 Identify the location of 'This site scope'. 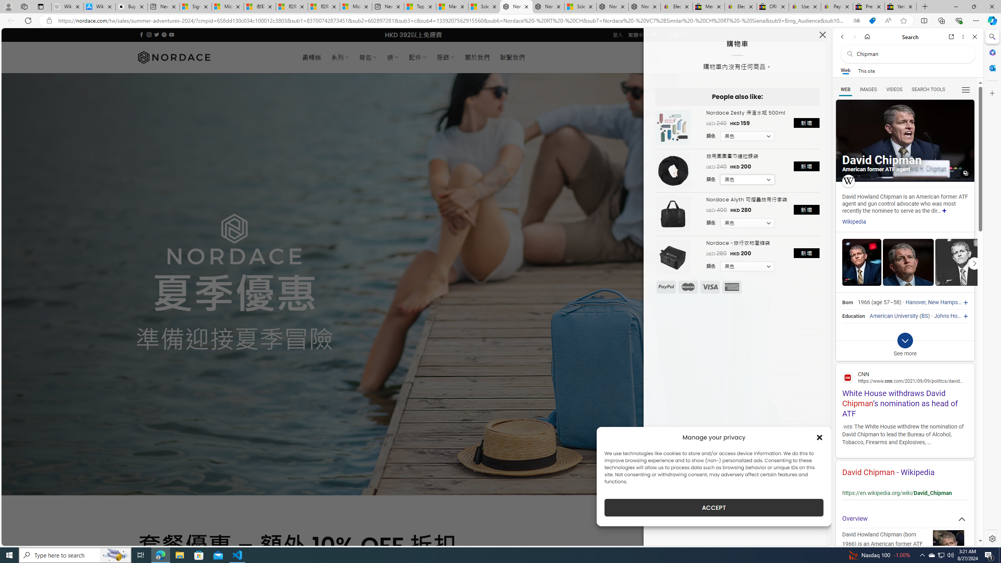
(866, 70).